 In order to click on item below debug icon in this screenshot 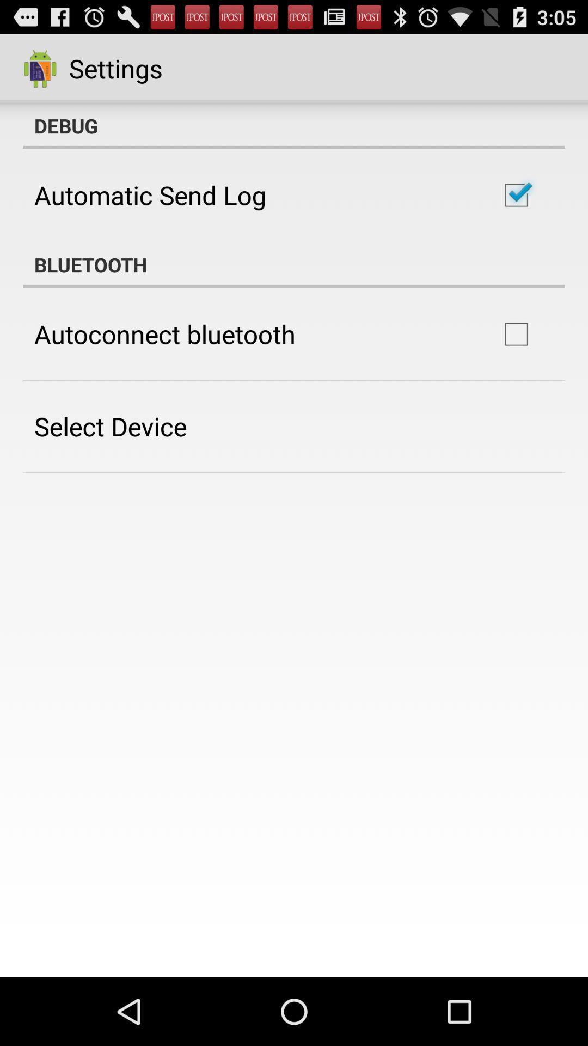, I will do `click(150, 195)`.